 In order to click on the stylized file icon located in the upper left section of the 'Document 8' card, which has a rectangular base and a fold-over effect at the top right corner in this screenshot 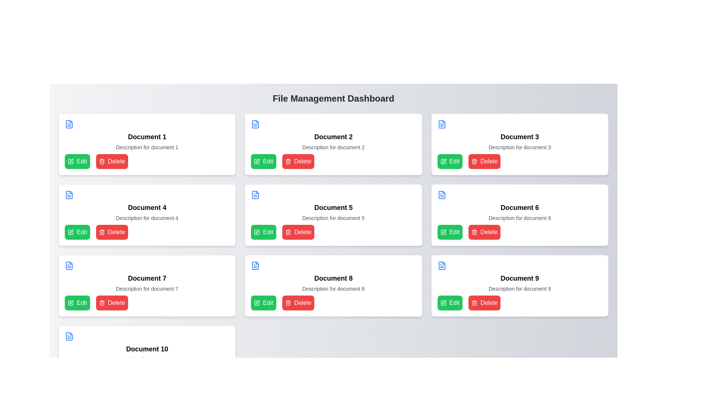, I will do `click(255, 265)`.